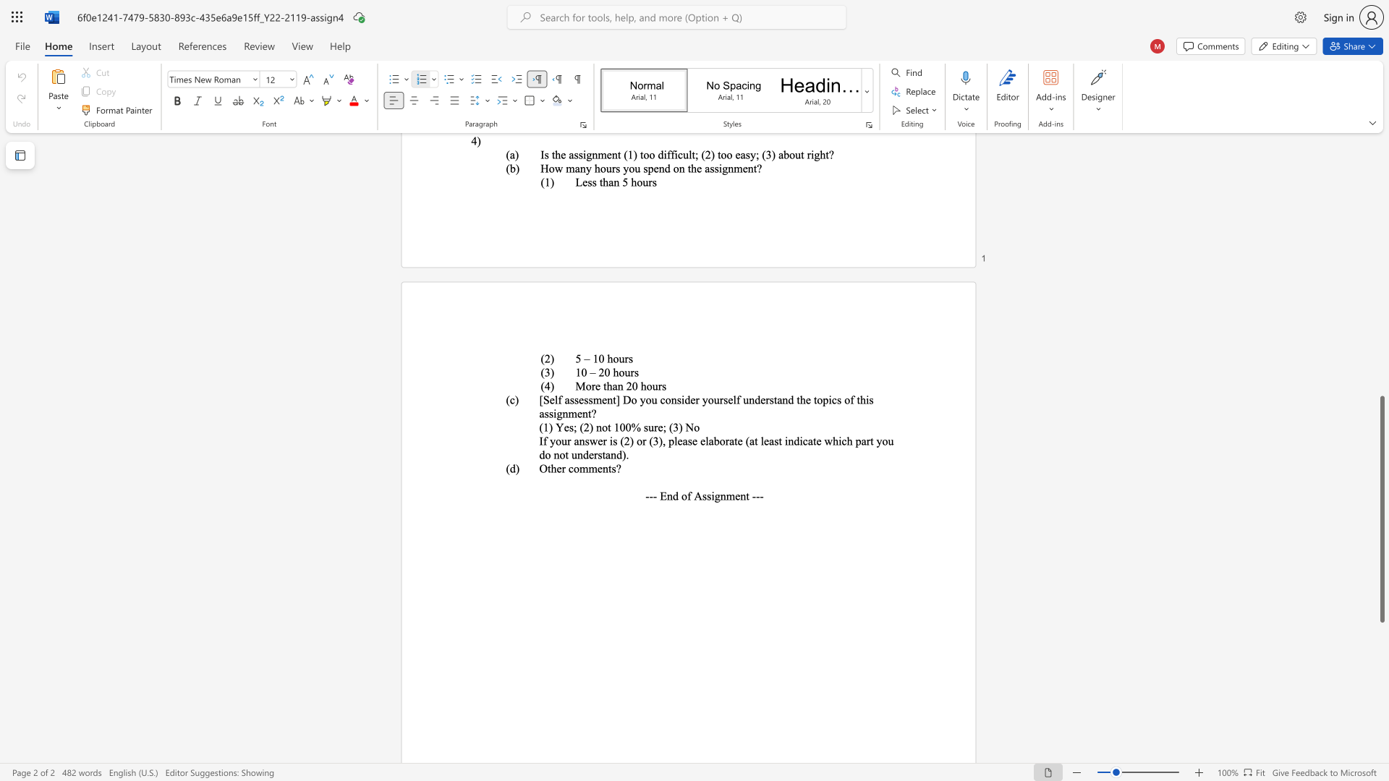 This screenshot has height=781, width=1389. What do you see at coordinates (713, 495) in the screenshot?
I see `the 1th character "i" in the text` at bounding box center [713, 495].